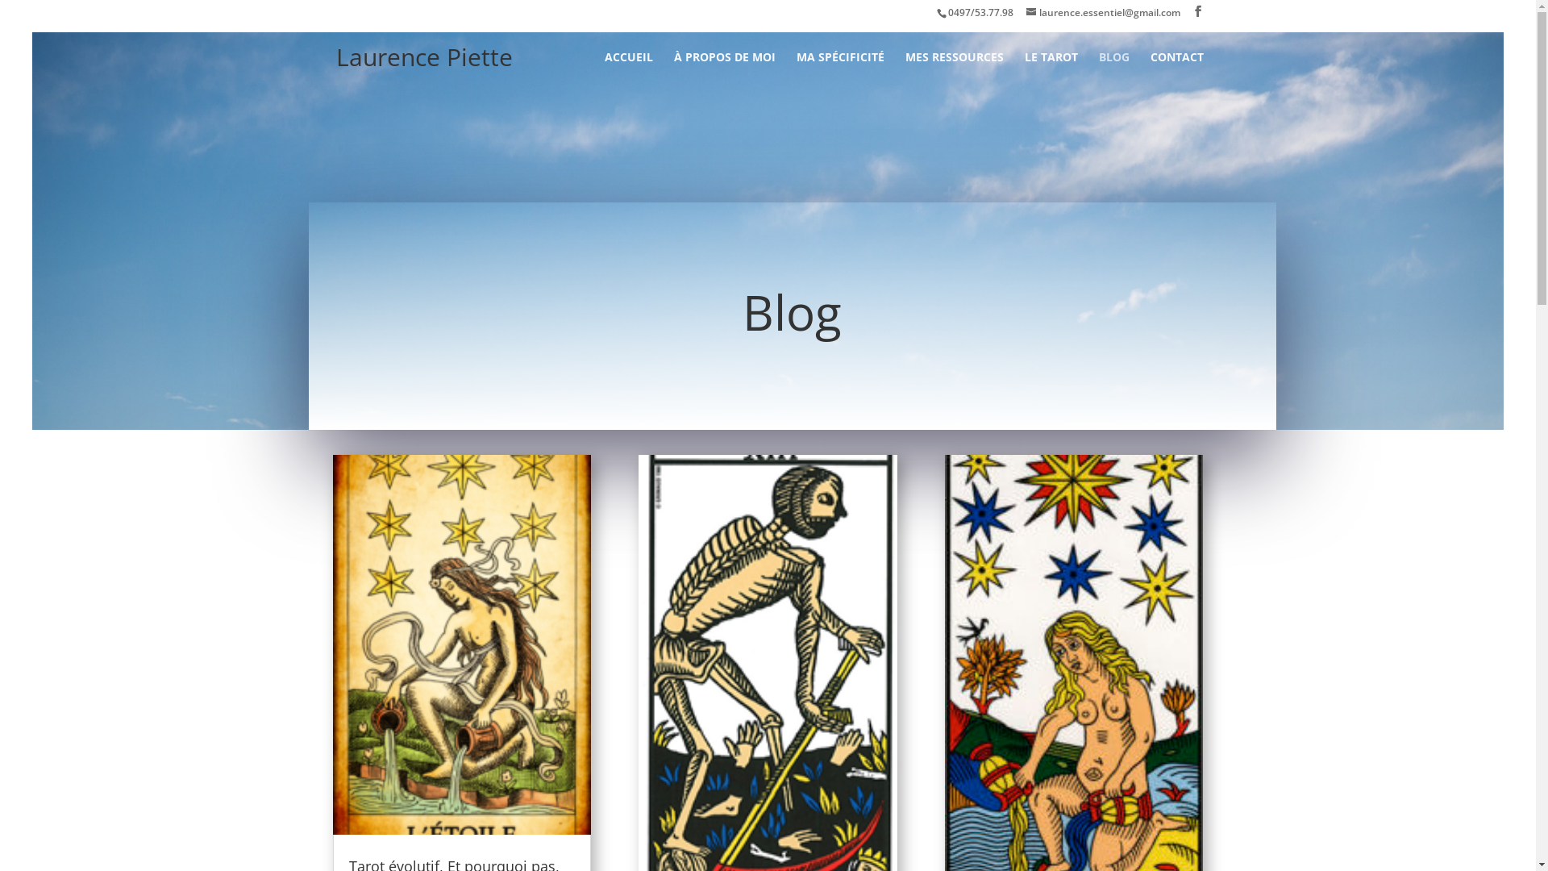 Image resolution: width=1548 pixels, height=871 pixels. I want to click on 'laurence.essentiel@gmail.com', so click(1101, 12).